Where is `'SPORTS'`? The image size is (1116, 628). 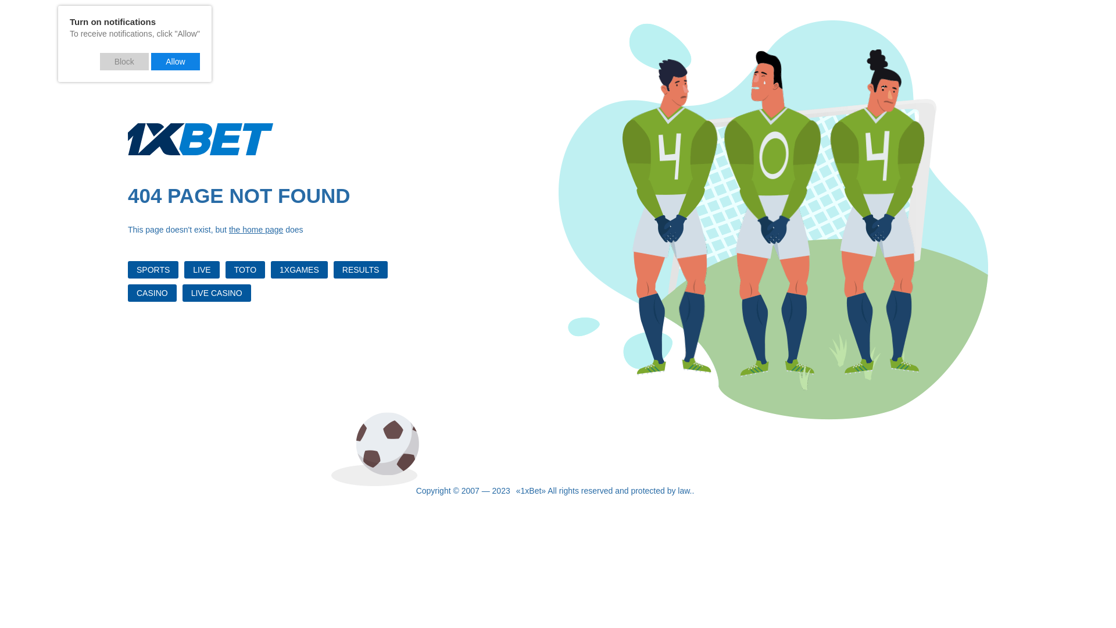 'SPORTS' is located at coordinates (128, 269).